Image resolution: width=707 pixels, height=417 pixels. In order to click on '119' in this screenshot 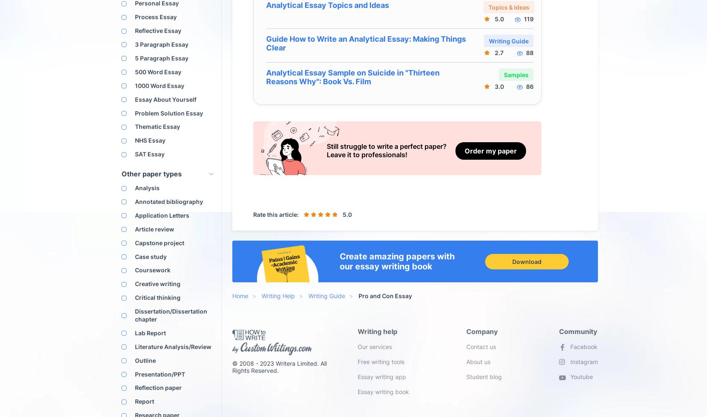, I will do `click(524, 19)`.